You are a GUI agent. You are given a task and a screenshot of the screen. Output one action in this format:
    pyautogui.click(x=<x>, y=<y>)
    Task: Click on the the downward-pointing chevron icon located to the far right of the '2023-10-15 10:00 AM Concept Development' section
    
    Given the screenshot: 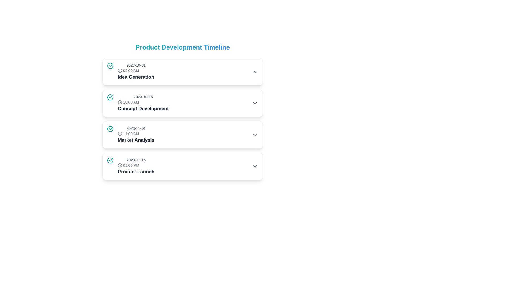 What is the action you would take?
    pyautogui.click(x=255, y=103)
    